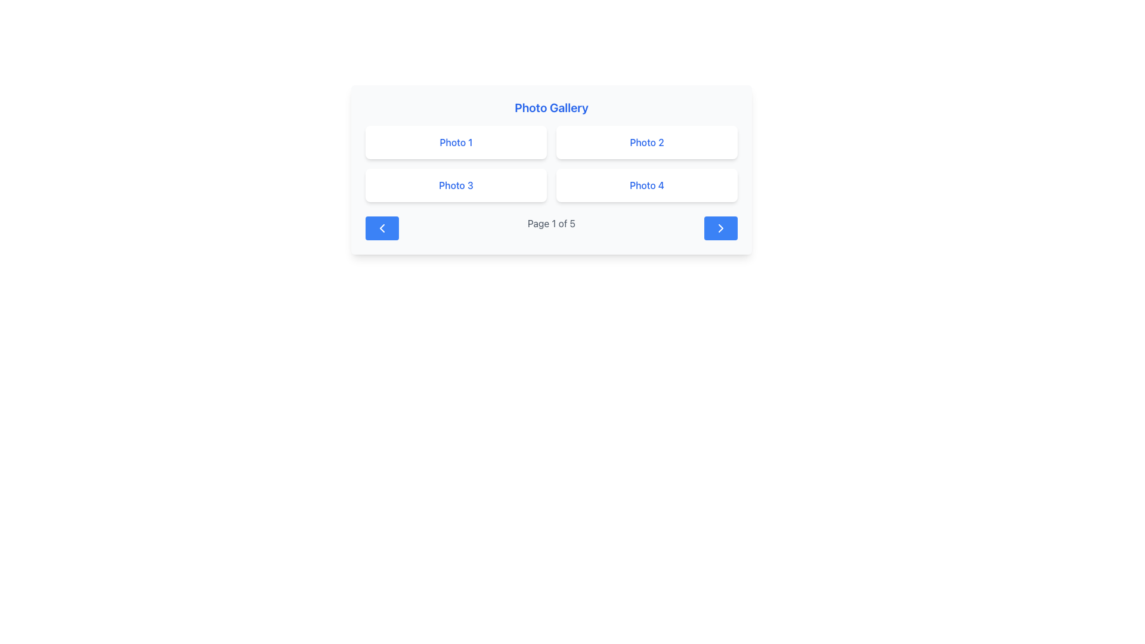  I want to click on the 'Photo 3' button in the second row and first column of the grid, so click(455, 185).